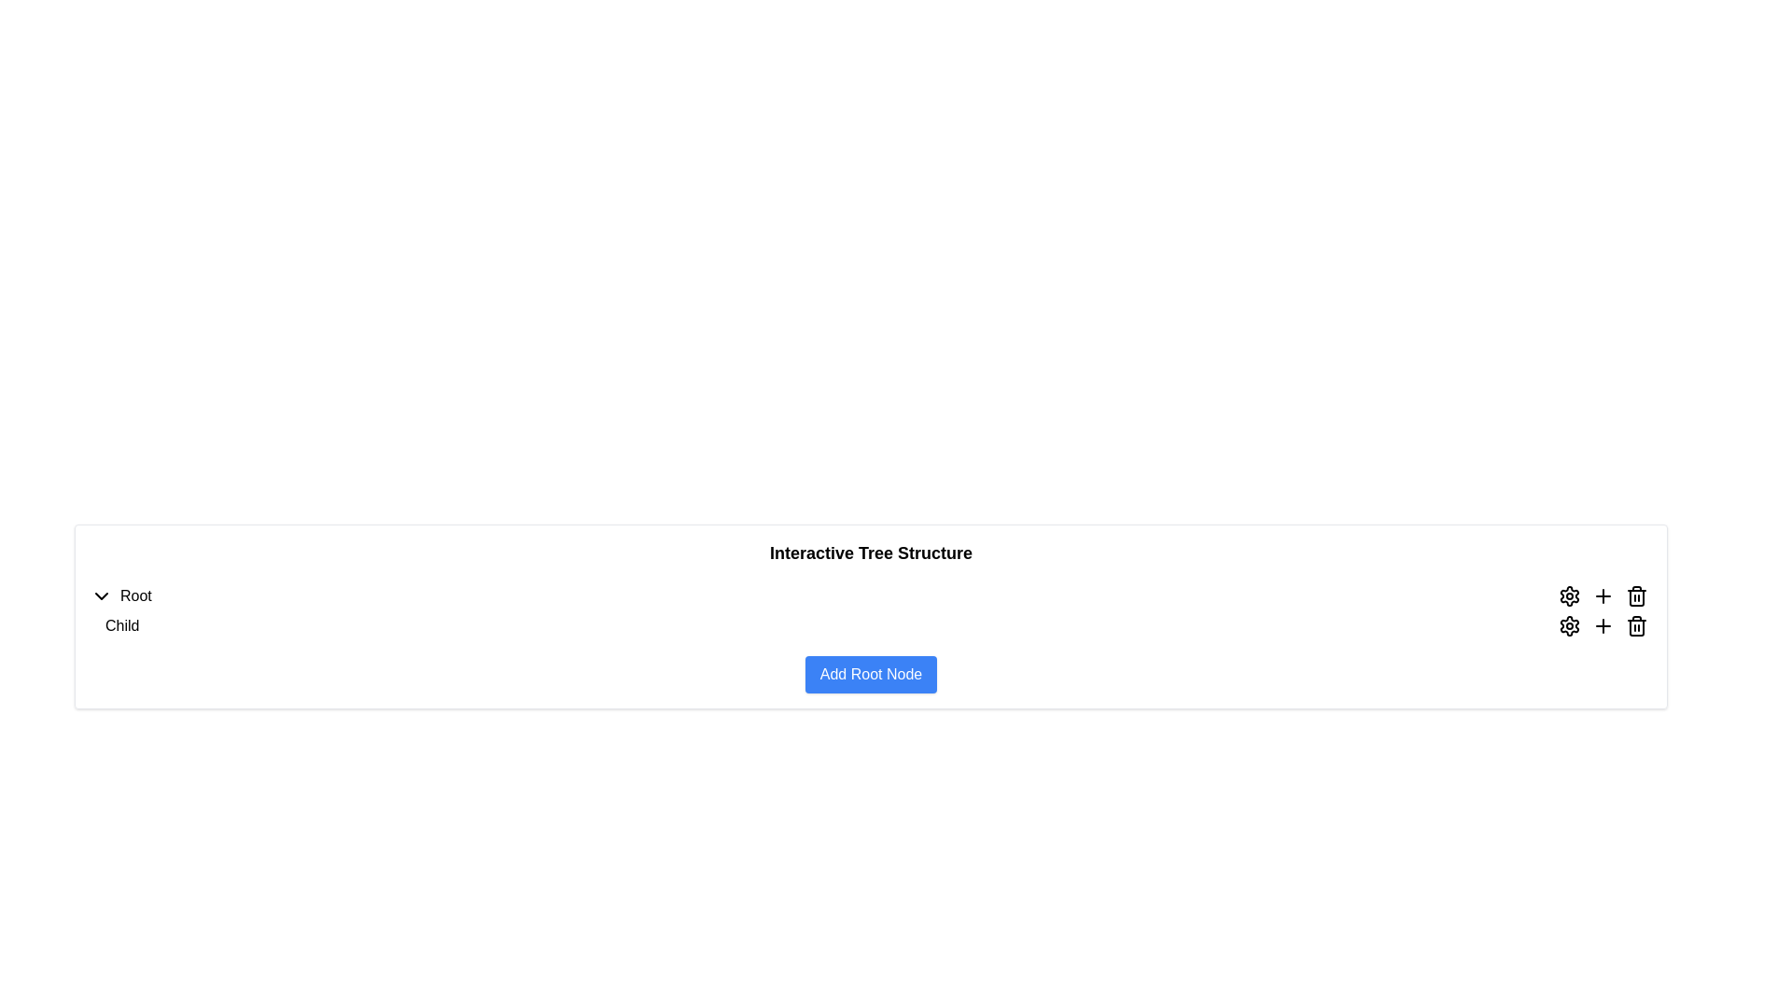 The width and height of the screenshot is (1792, 1008). I want to click on the button located at the center of the bottom part of the 'Interactive Tree Structure' section, so click(870, 674).